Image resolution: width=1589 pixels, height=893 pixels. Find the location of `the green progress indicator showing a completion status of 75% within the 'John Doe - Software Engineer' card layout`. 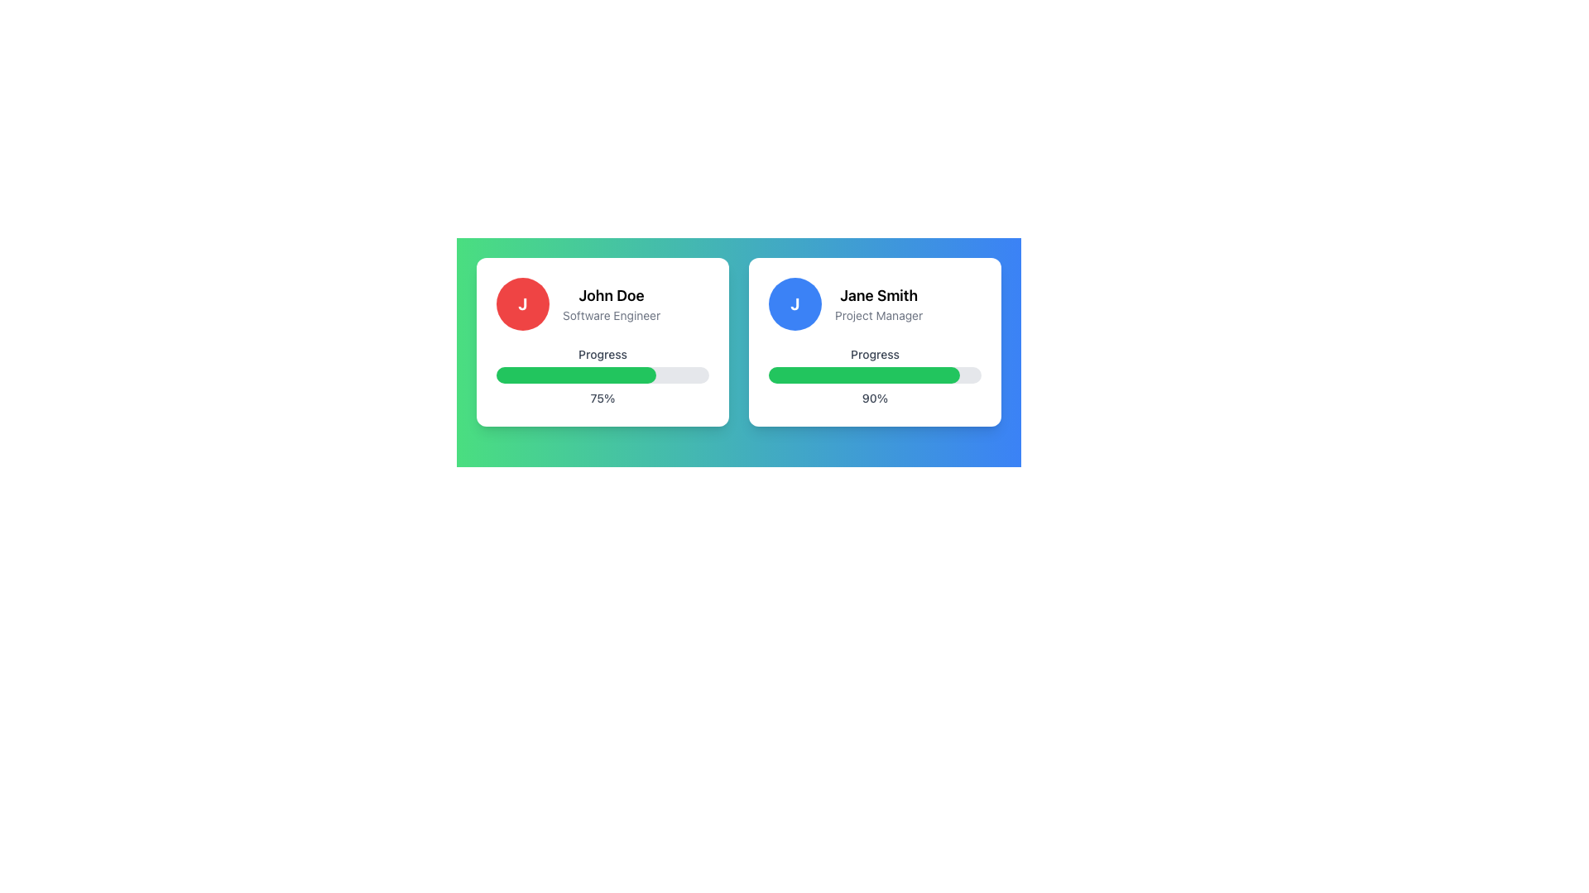

the green progress indicator showing a completion status of 75% within the 'John Doe - Software Engineer' card layout is located at coordinates (576, 375).